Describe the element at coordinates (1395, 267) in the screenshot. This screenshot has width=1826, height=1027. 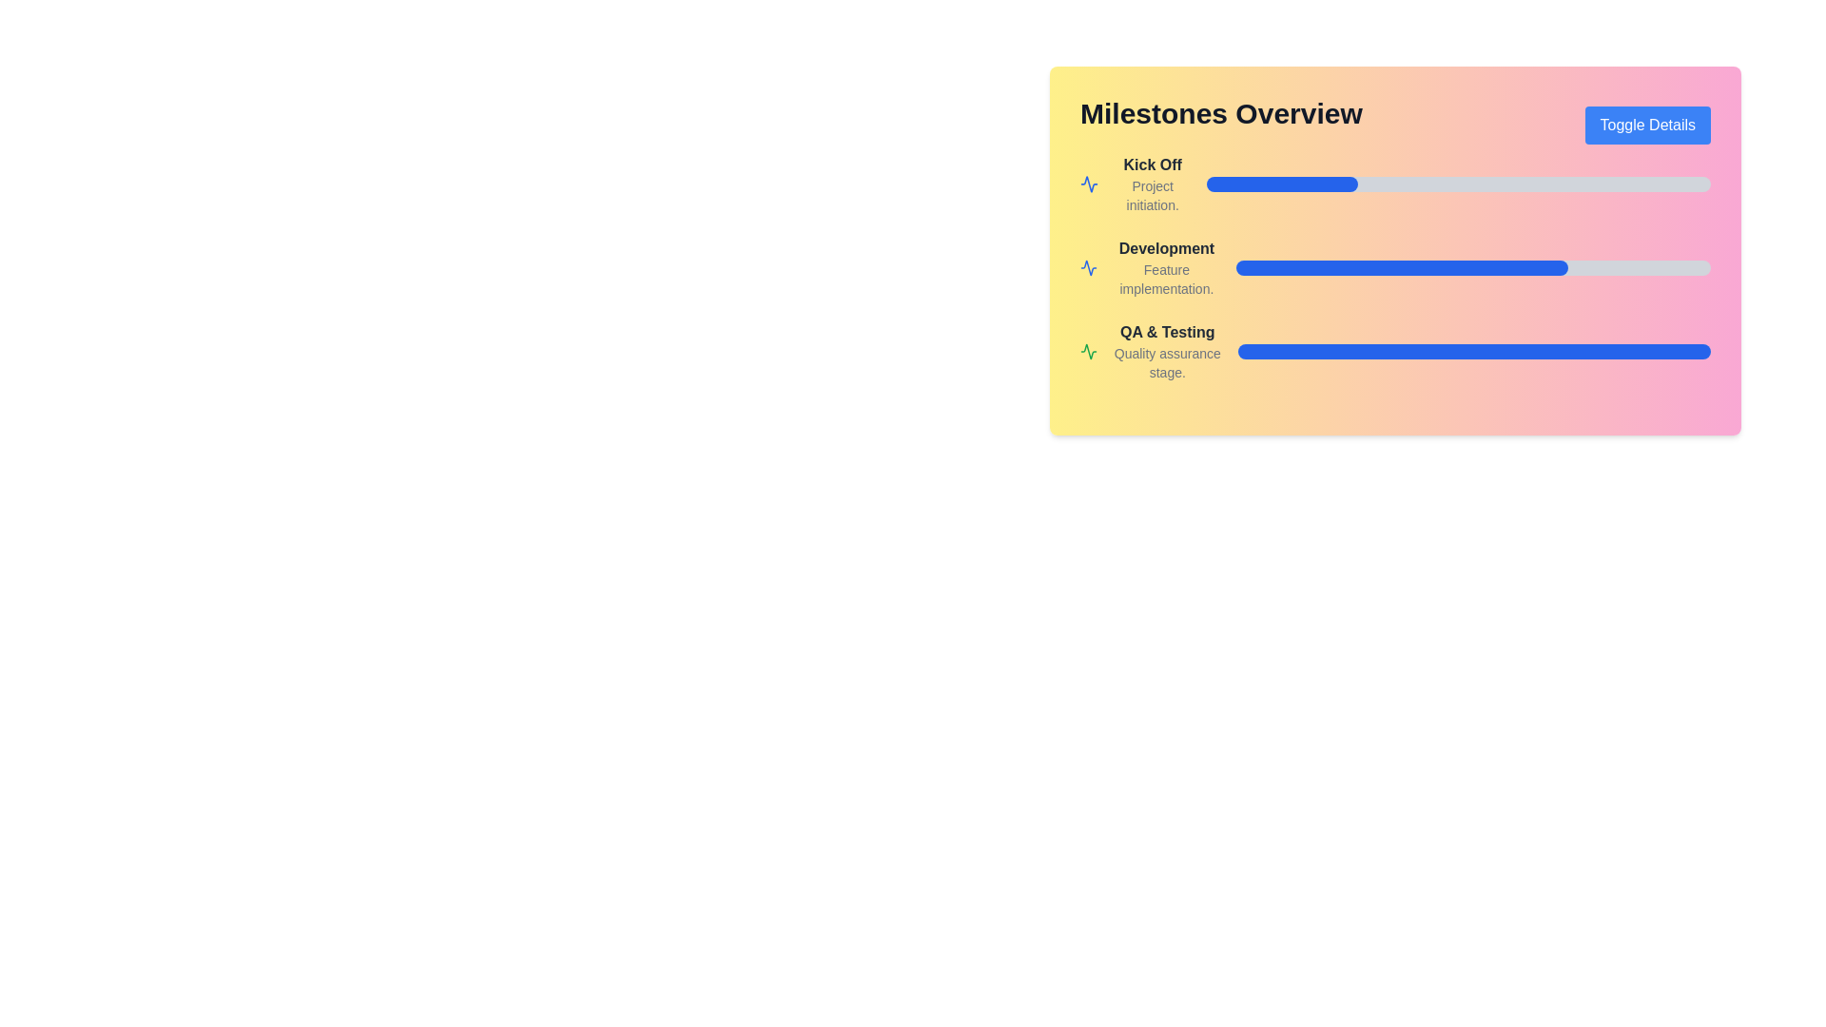
I see `the progress bar located under the 'Development' heading in the 'Milestones Overview' component, which displays a blue filled section and a gray unfilled section` at that location.